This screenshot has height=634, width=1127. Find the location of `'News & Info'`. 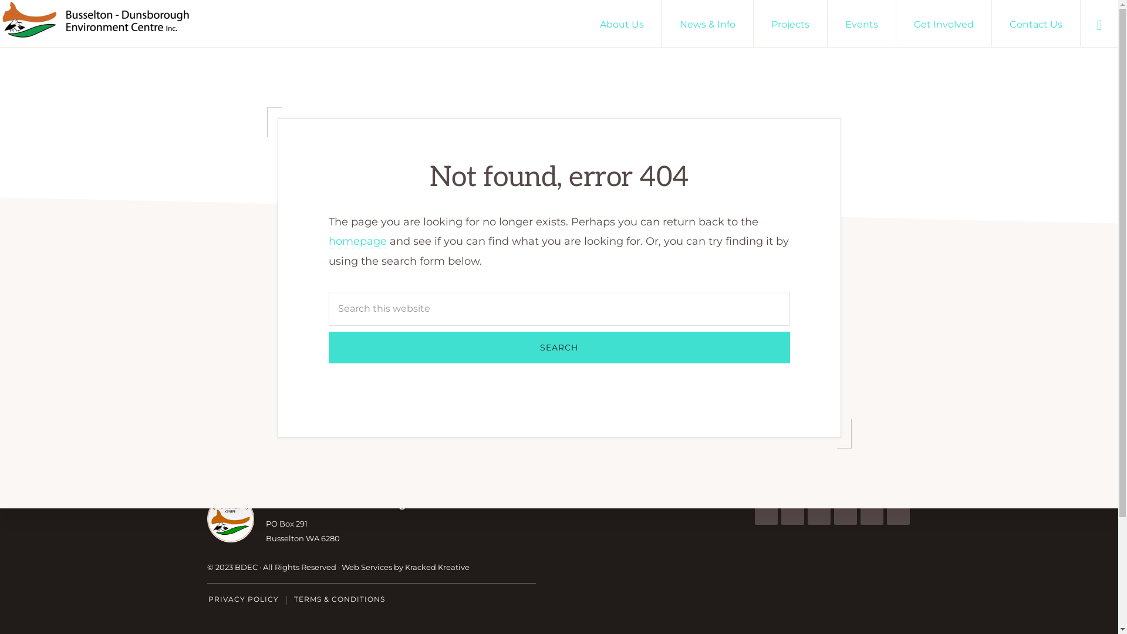

'News & Info' is located at coordinates (707, 23).